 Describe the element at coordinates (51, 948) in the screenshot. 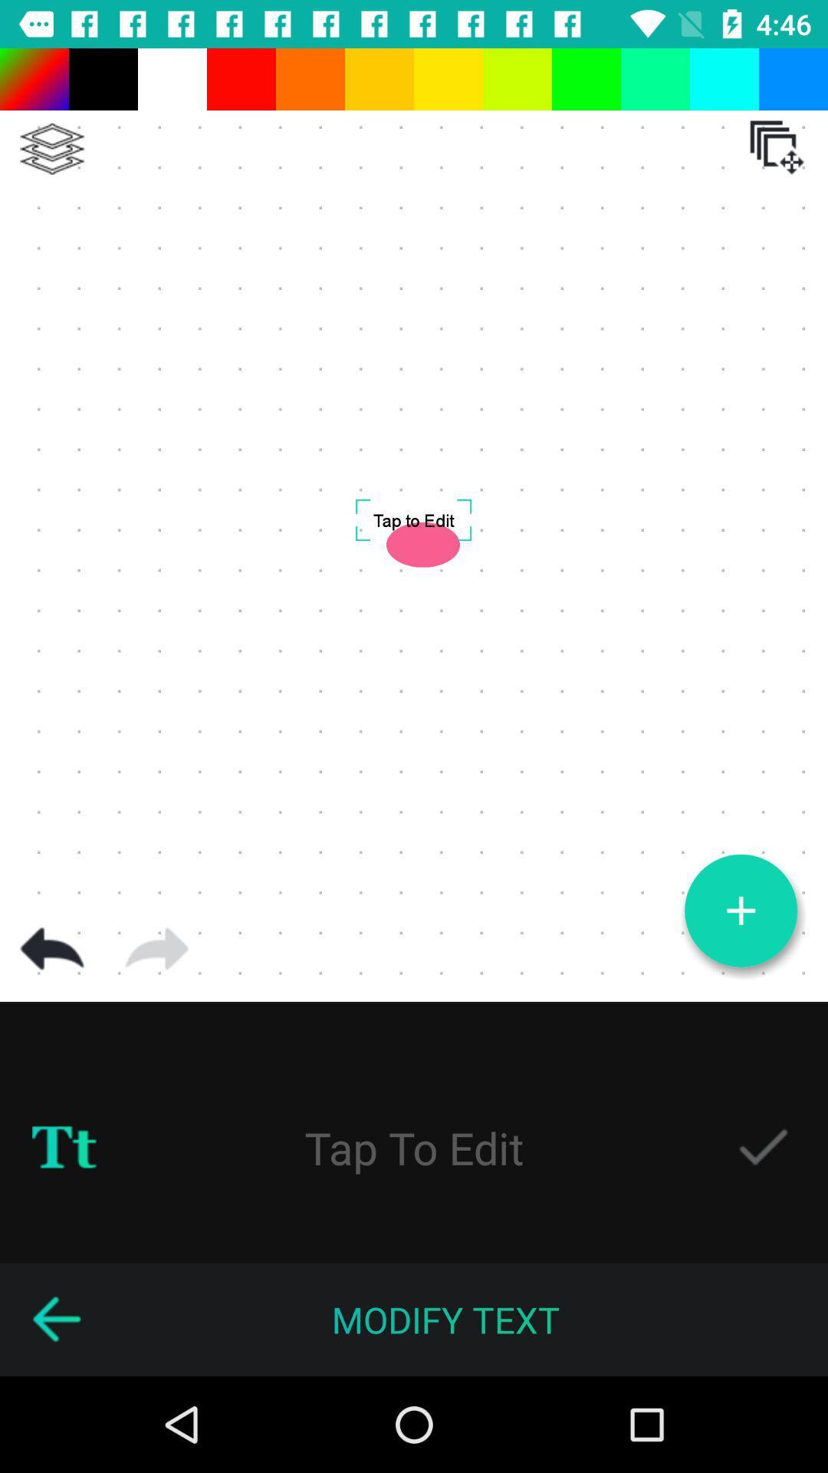

I see `undo last action` at that location.